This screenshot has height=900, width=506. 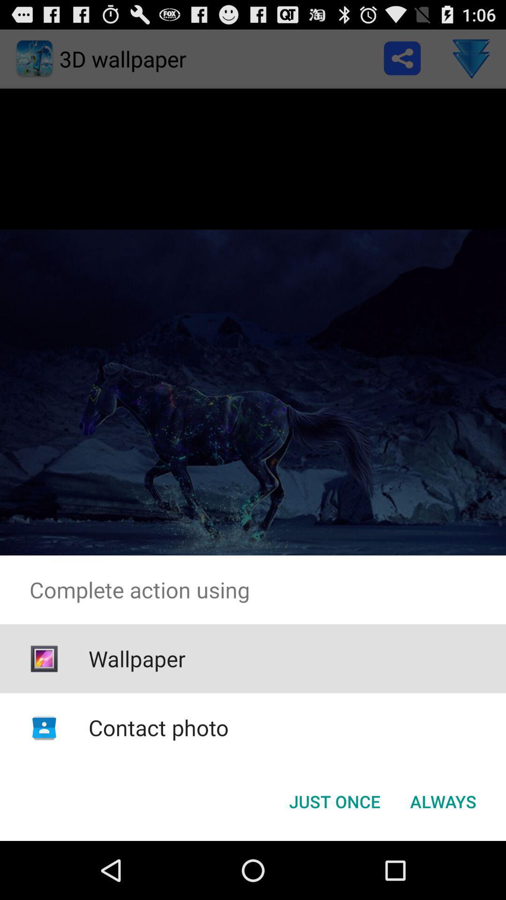 I want to click on always button, so click(x=443, y=801).